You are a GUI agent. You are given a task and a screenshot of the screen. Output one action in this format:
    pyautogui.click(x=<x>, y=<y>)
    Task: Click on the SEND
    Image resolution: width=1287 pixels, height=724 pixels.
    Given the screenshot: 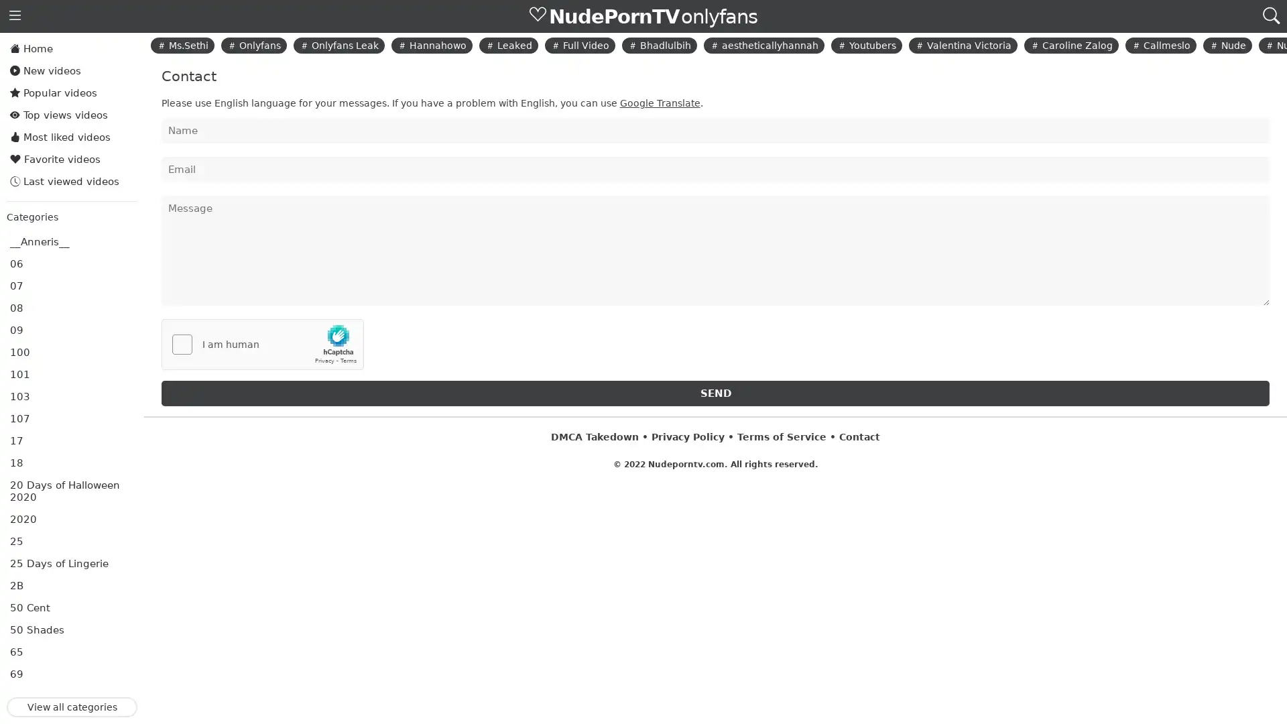 What is the action you would take?
    pyautogui.click(x=714, y=392)
    